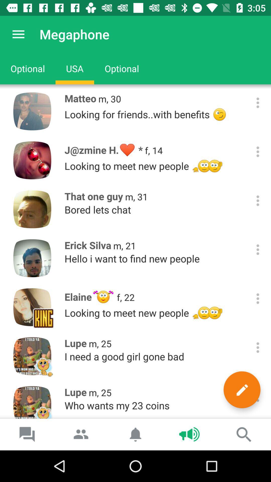  What do you see at coordinates (242, 389) in the screenshot?
I see `the edit icon` at bounding box center [242, 389].